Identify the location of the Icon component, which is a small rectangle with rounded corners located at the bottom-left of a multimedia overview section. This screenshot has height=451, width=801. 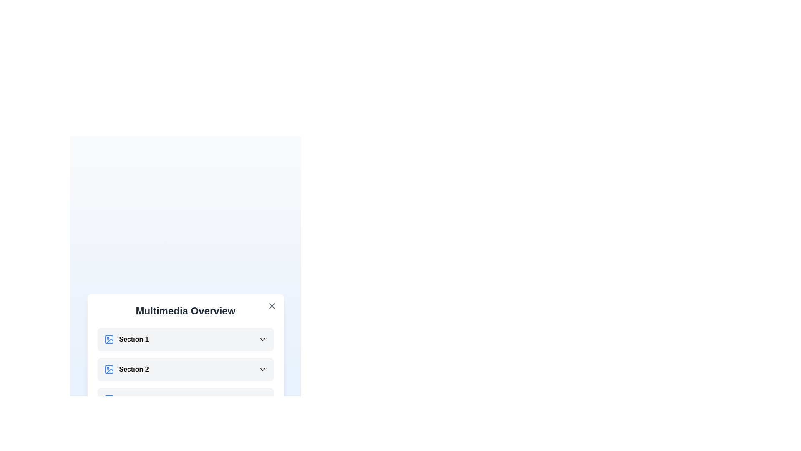
(108, 399).